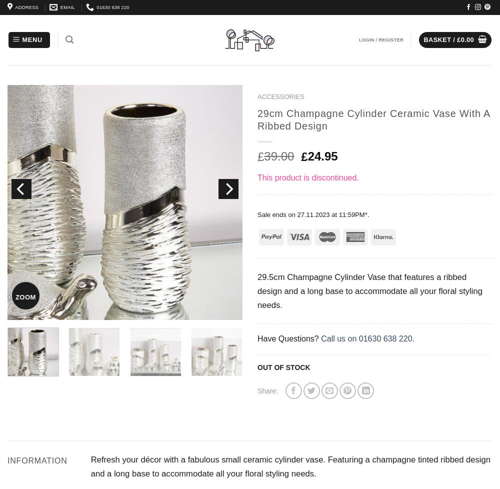  I want to click on '39.00', so click(279, 155).